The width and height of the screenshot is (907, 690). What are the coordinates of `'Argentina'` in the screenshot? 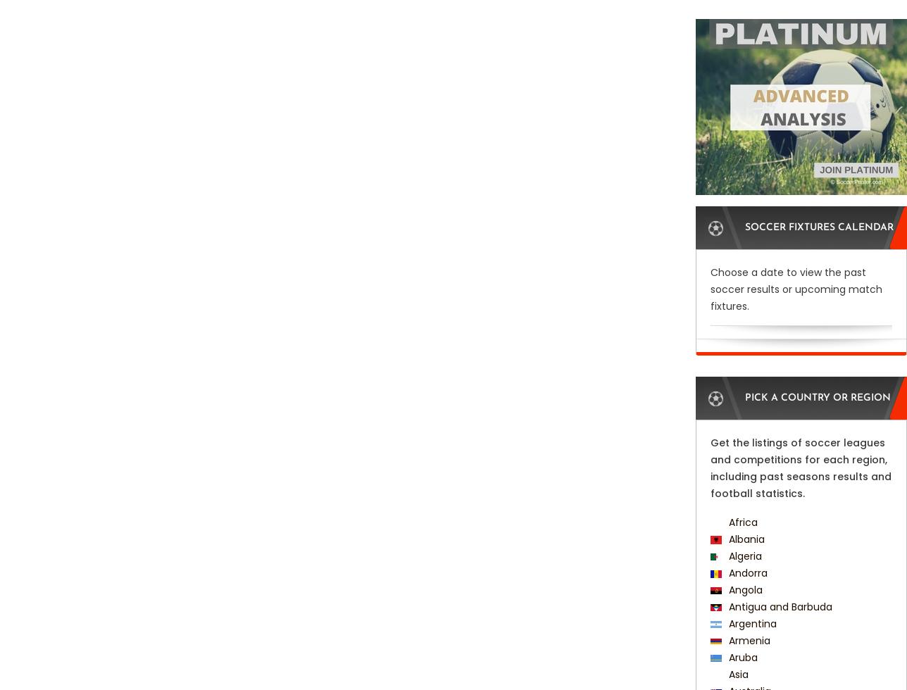 It's located at (751, 624).